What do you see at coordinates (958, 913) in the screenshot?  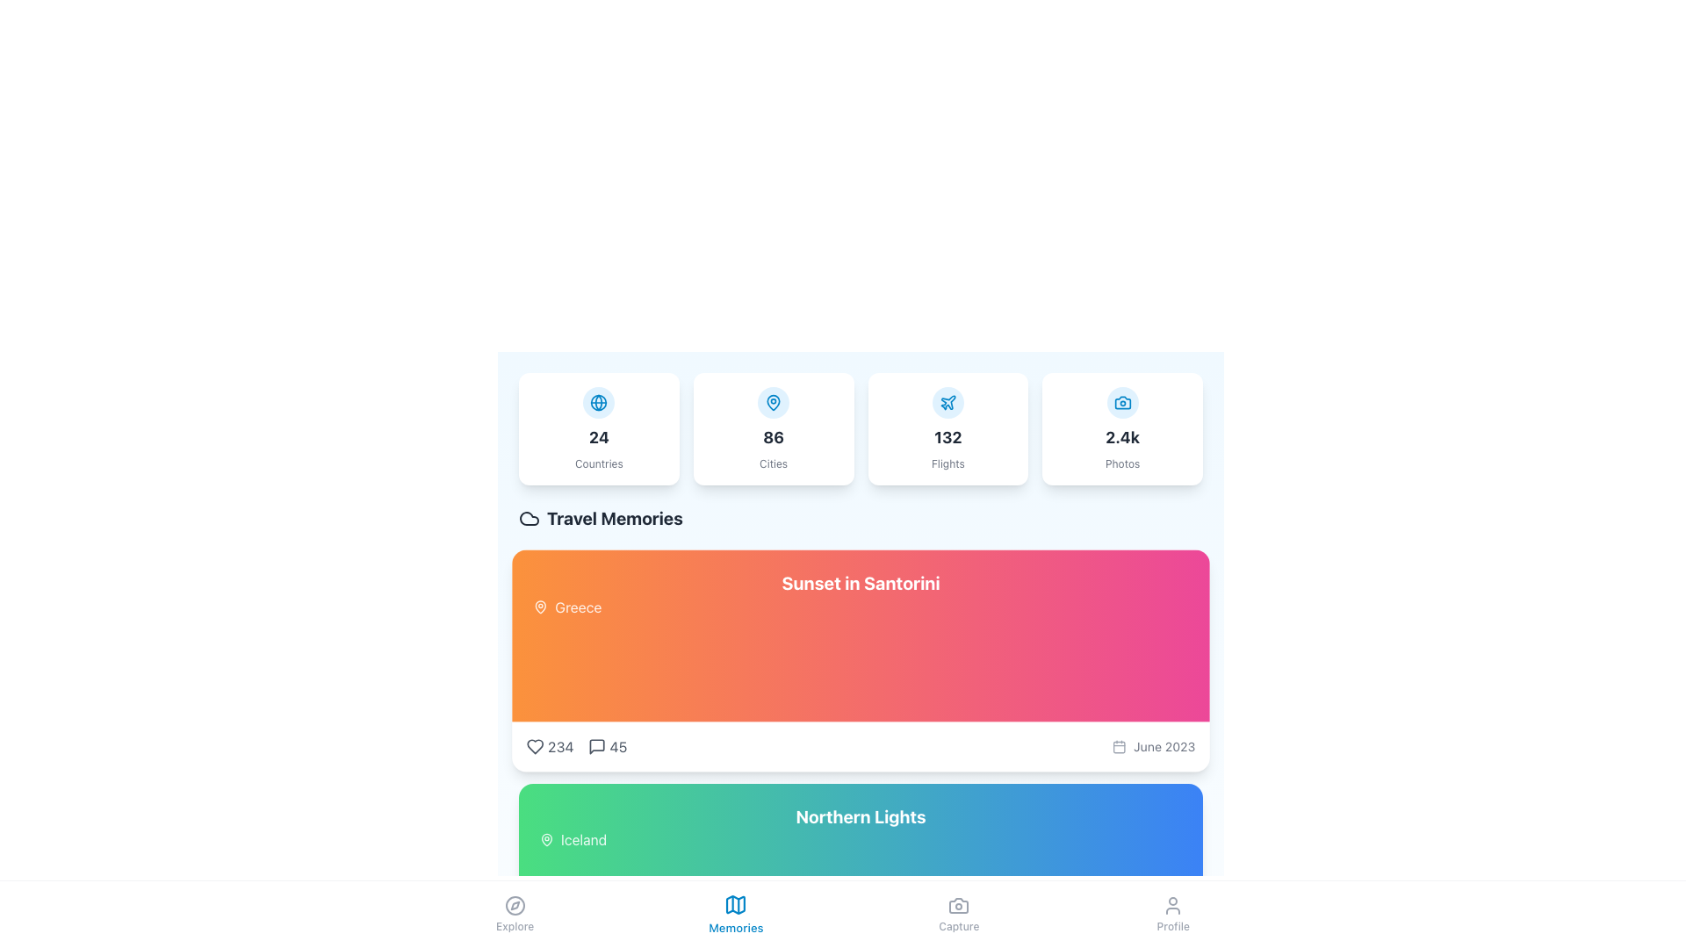 I see `the third button in the bottom navigation bar, positioned between the 'Memories' button and the 'Profile' button` at bounding box center [958, 913].